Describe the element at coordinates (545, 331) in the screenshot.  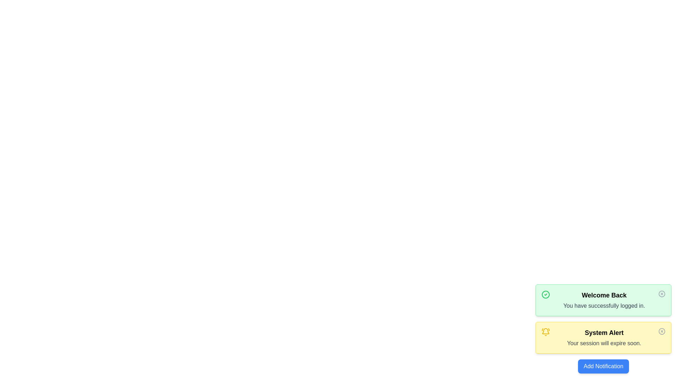
I see `the yellow bell-shaped notification icon located in the top-right corner of the system alert box` at that location.